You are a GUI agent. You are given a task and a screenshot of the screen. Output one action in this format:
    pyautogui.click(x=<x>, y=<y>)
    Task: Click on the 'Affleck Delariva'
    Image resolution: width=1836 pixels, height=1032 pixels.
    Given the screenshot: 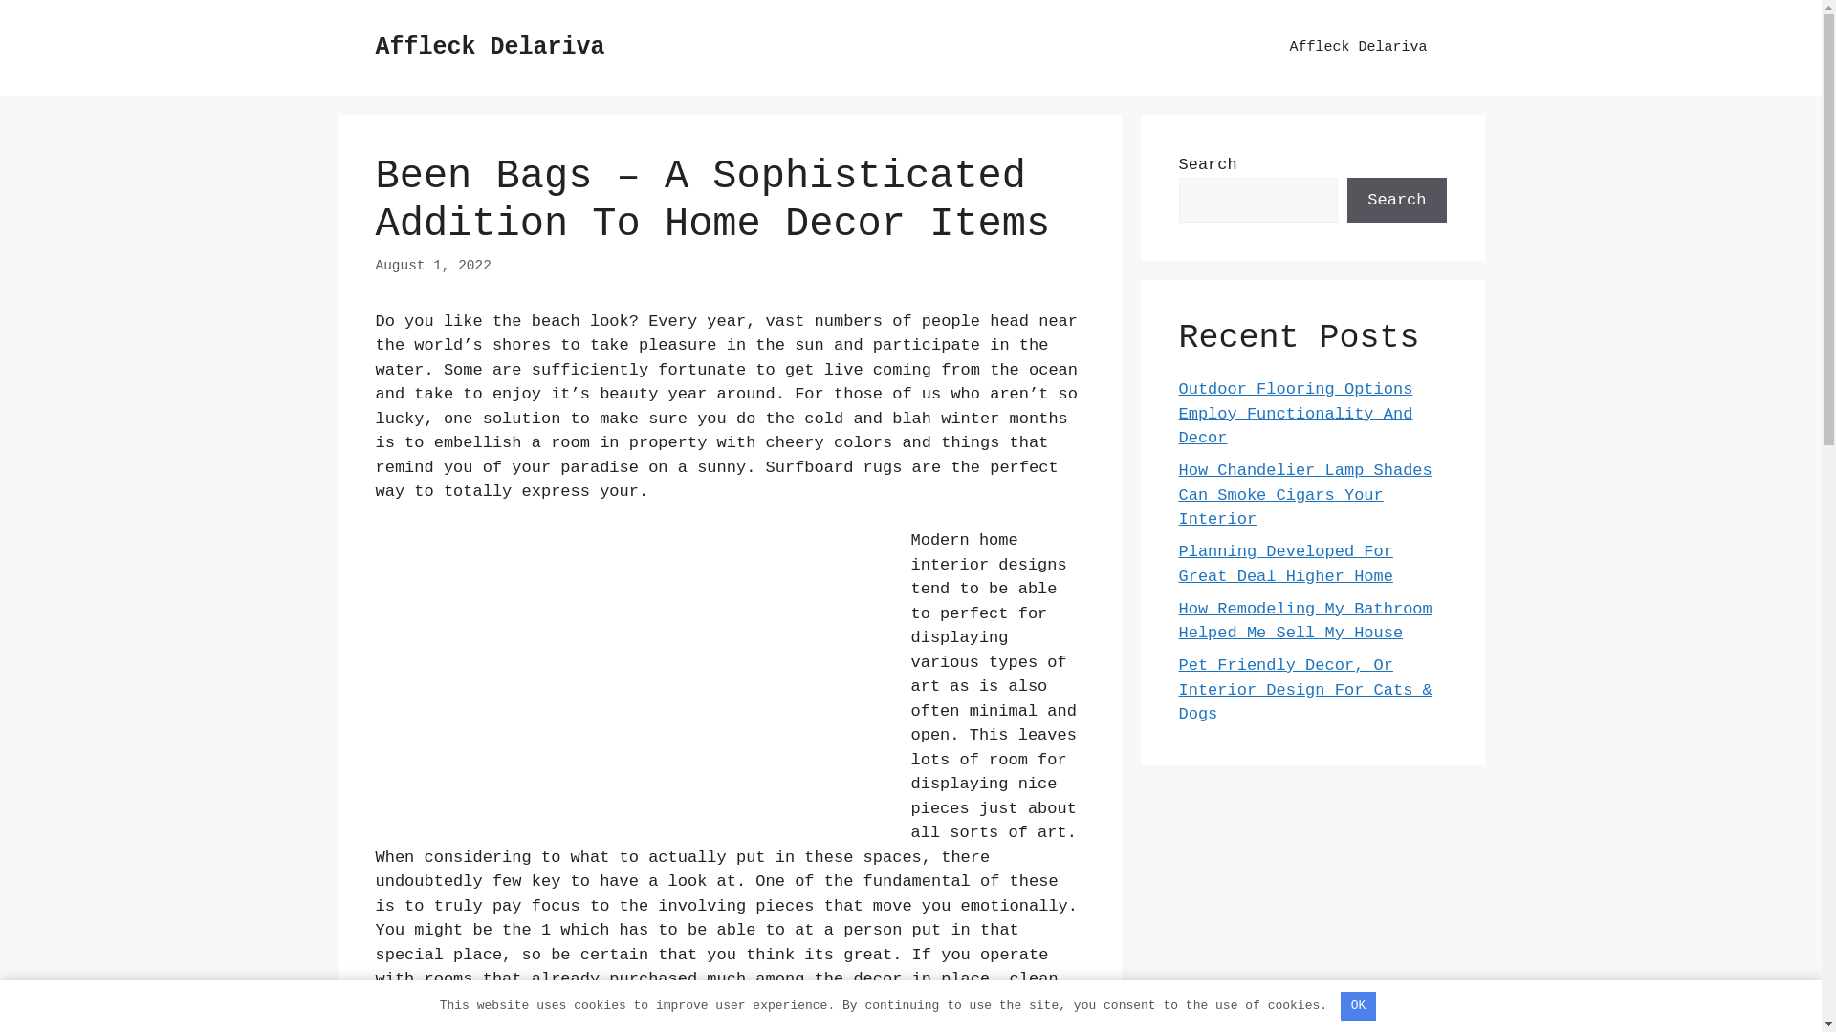 What is the action you would take?
    pyautogui.click(x=490, y=46)
    